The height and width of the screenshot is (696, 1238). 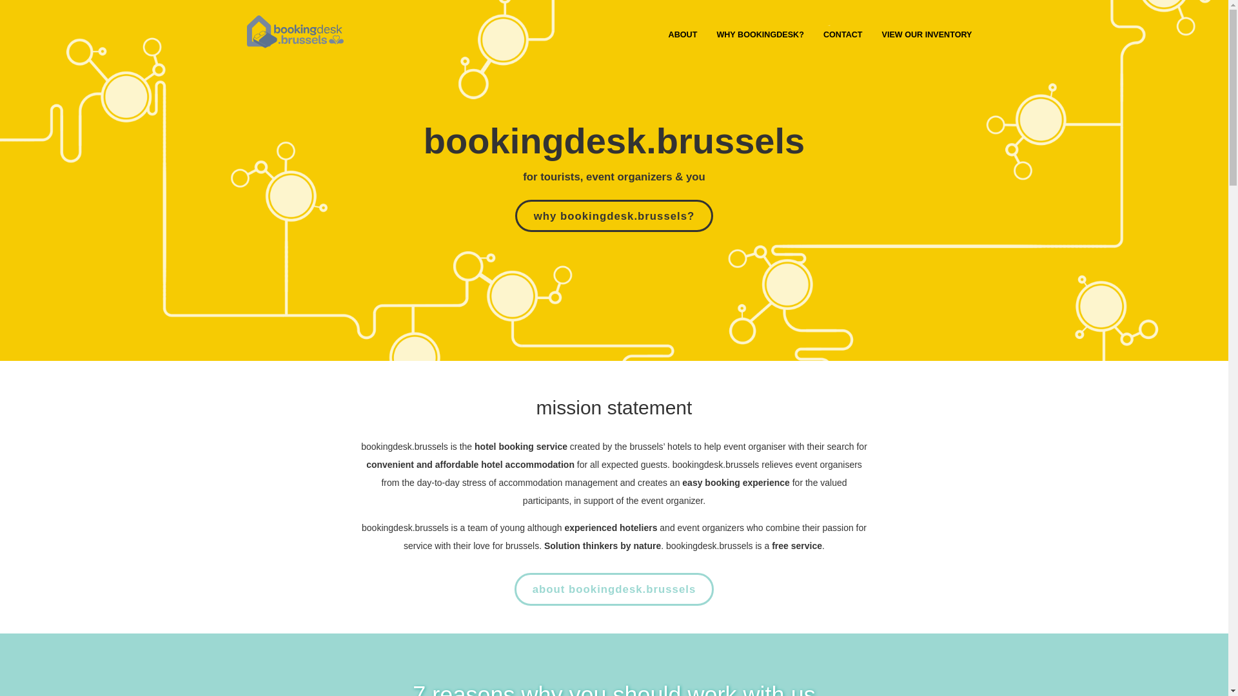 What do you see at coordinates (659, 34) in the screenshot?
I see `'ABOUT'` at bounding box center [659, 34].